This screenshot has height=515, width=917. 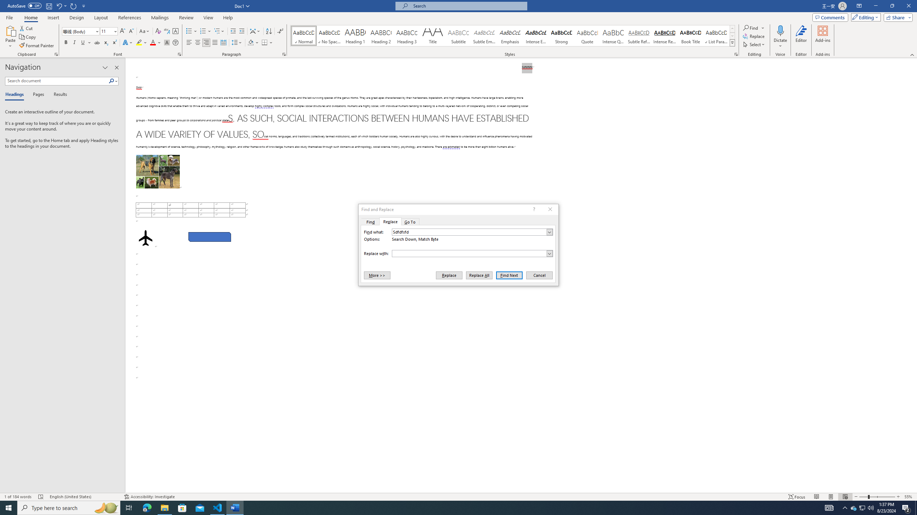 What do you see at coordinates (255, 31) in the screenshot?
I see `'Asian Layout'` at bounding box center [255, 31].